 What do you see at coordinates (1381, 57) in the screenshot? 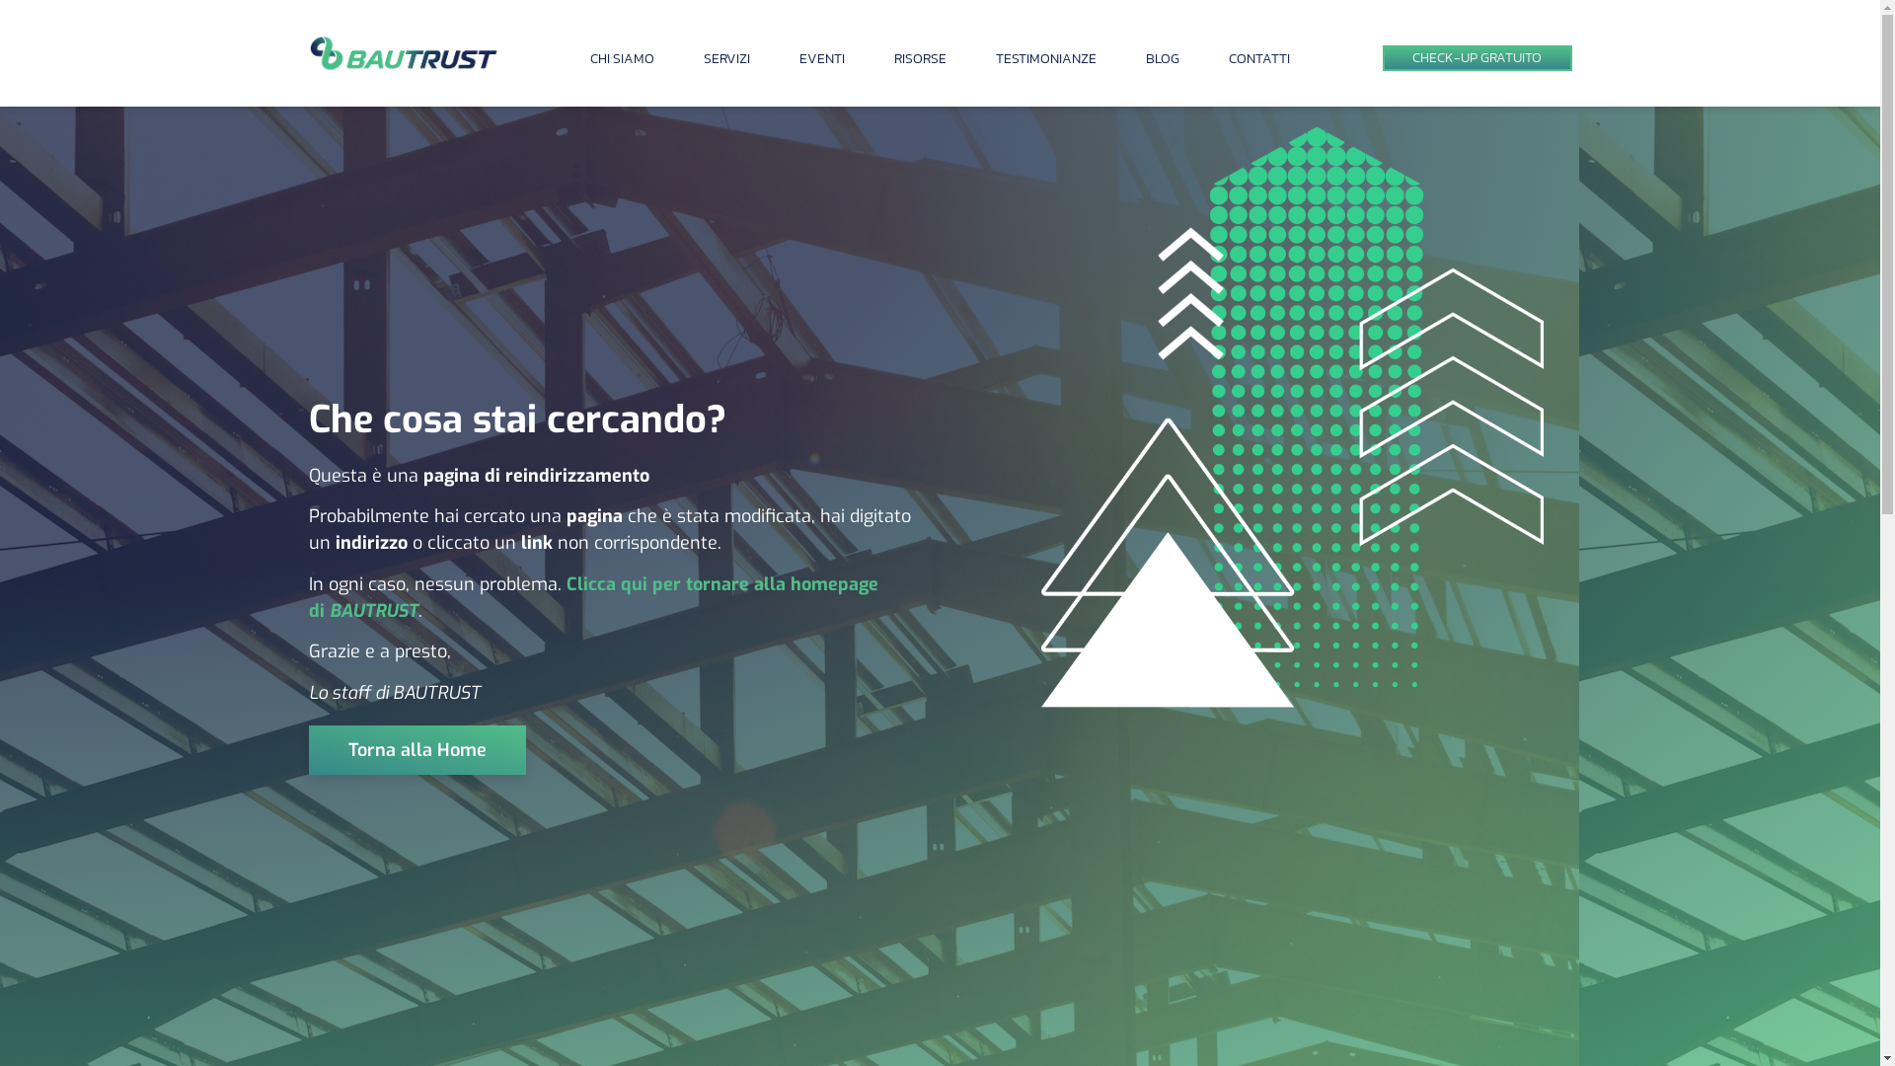
I see `'CHECK-UP GRATUITO'` at bounding box center [1381, 57].